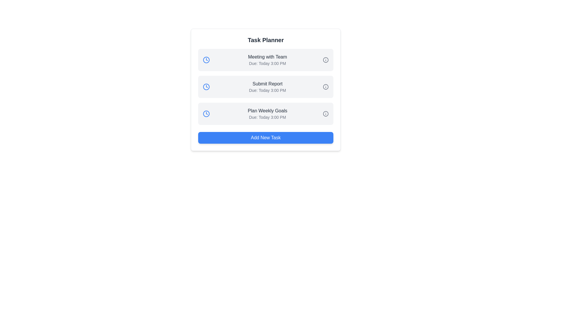 The height and width of the screenshot is (316, 562). Describe the element at coordinates (325, 87) in the screenshot. I see `the circular gray icon button located to the right of the text 'Submit Report' in the second row of the task list` at that location.